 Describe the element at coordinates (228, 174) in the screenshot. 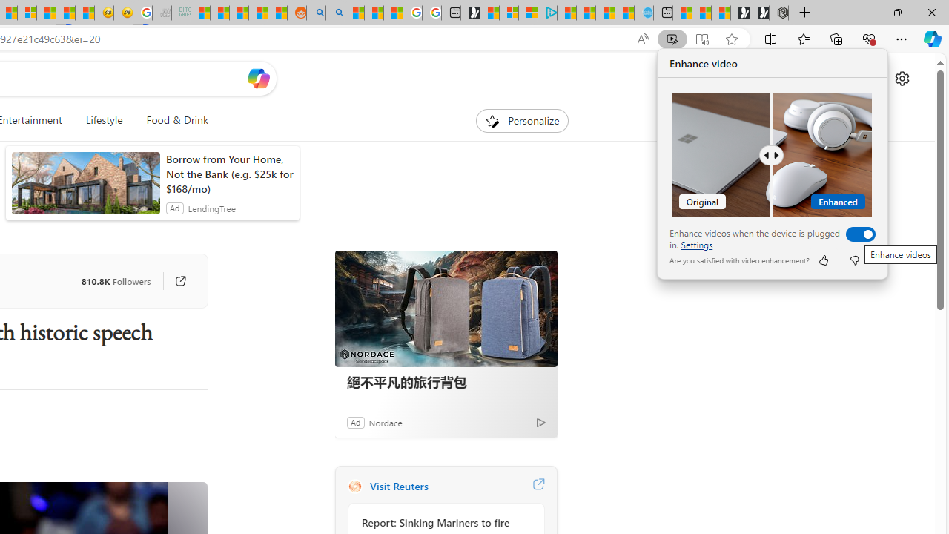

I see `'Borrow from Your Home, Not the Bank (e.g. $25k for $168/mo)'` at that location.